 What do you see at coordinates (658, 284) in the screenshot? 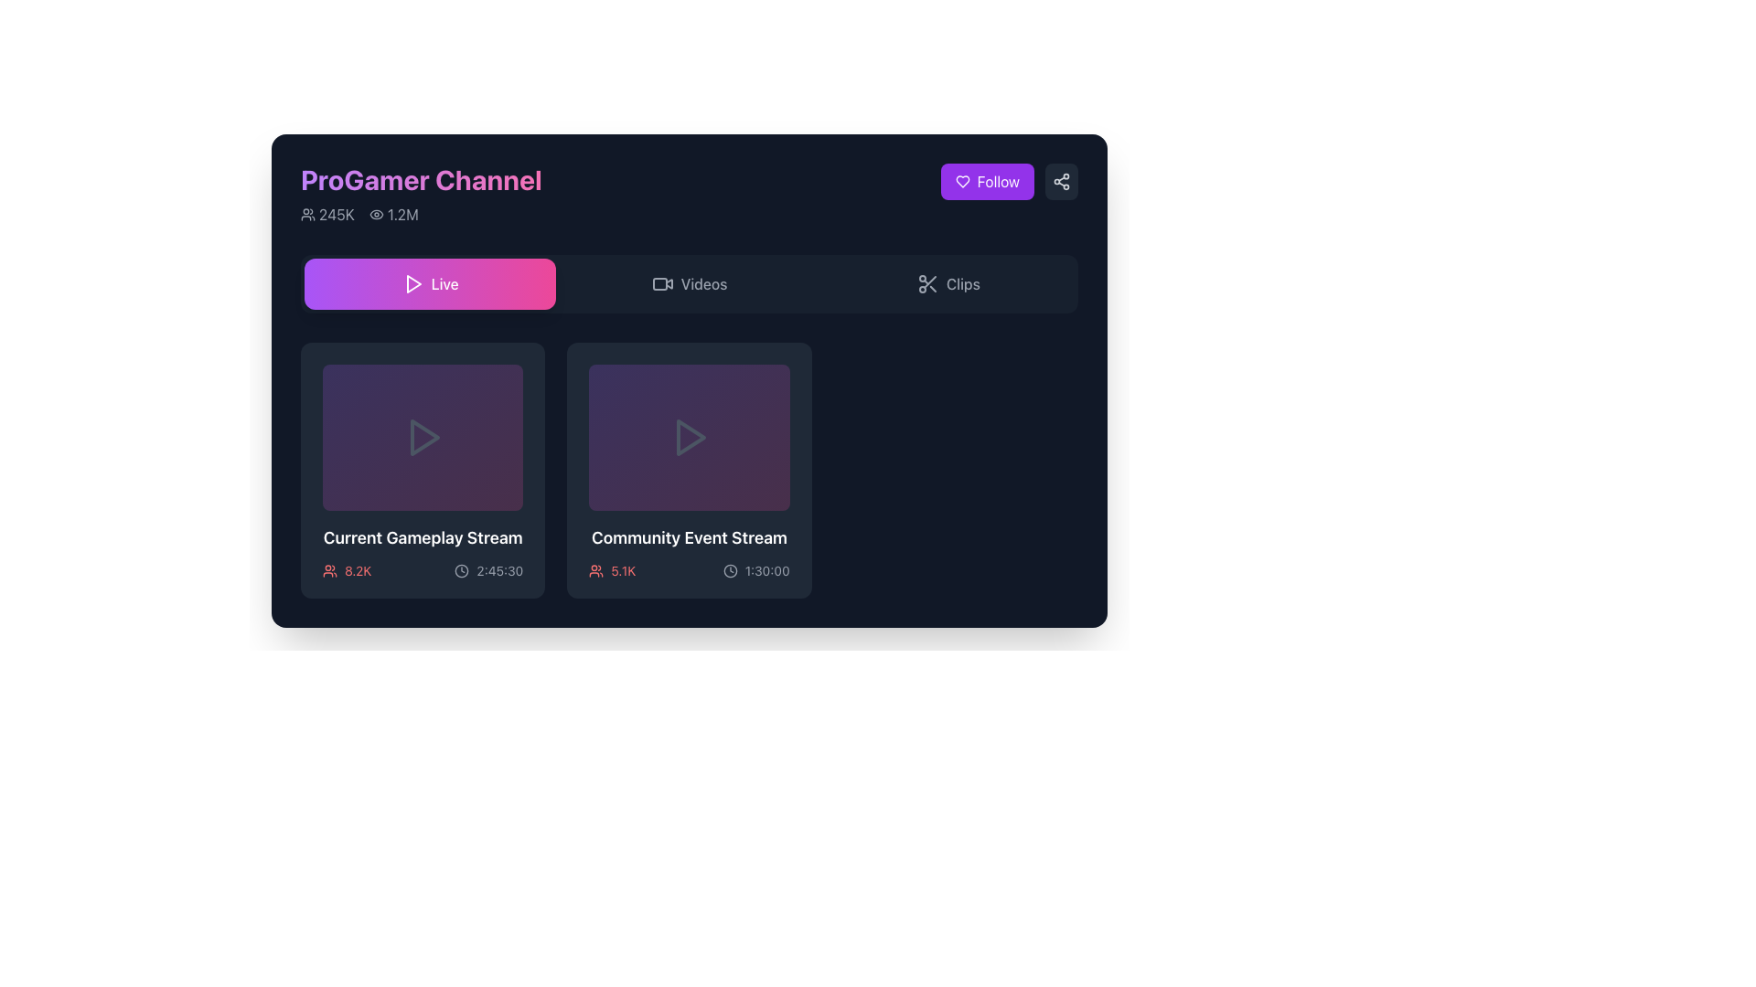
I see `the decorative rectangular element with rounded corners within the video icon, located in the central-left portion of the icon` at bounding box center [658, 284].